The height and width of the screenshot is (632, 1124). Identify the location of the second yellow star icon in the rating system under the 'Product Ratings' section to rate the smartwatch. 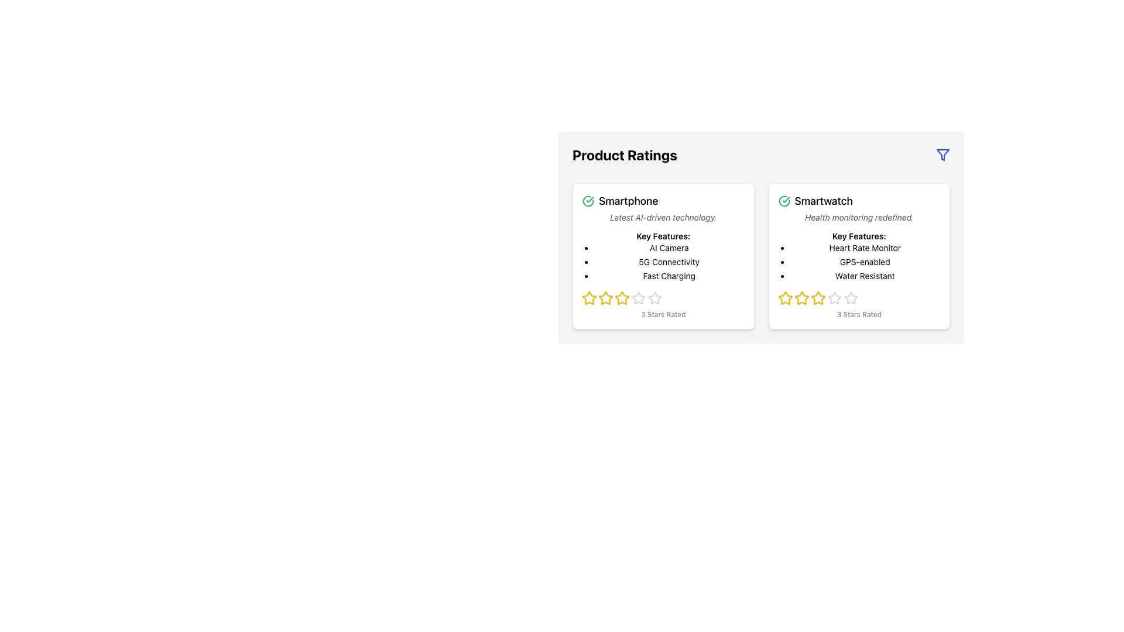
(817, 297).